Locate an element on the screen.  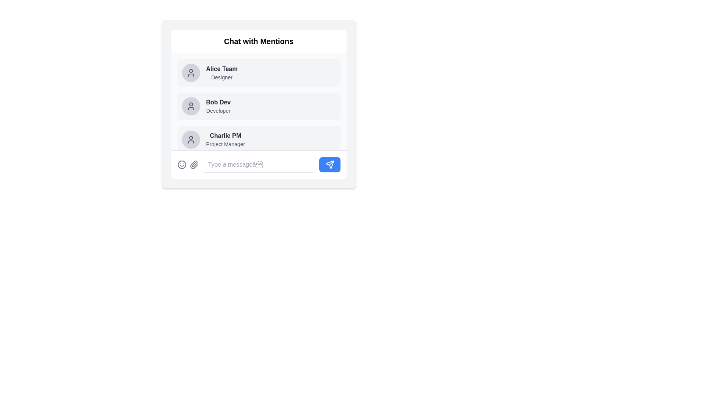
the circular profile icon representing the user 'Alice Team' in the first user card of the 'Chat with Mentions' list is located at coordinates (191, 73).